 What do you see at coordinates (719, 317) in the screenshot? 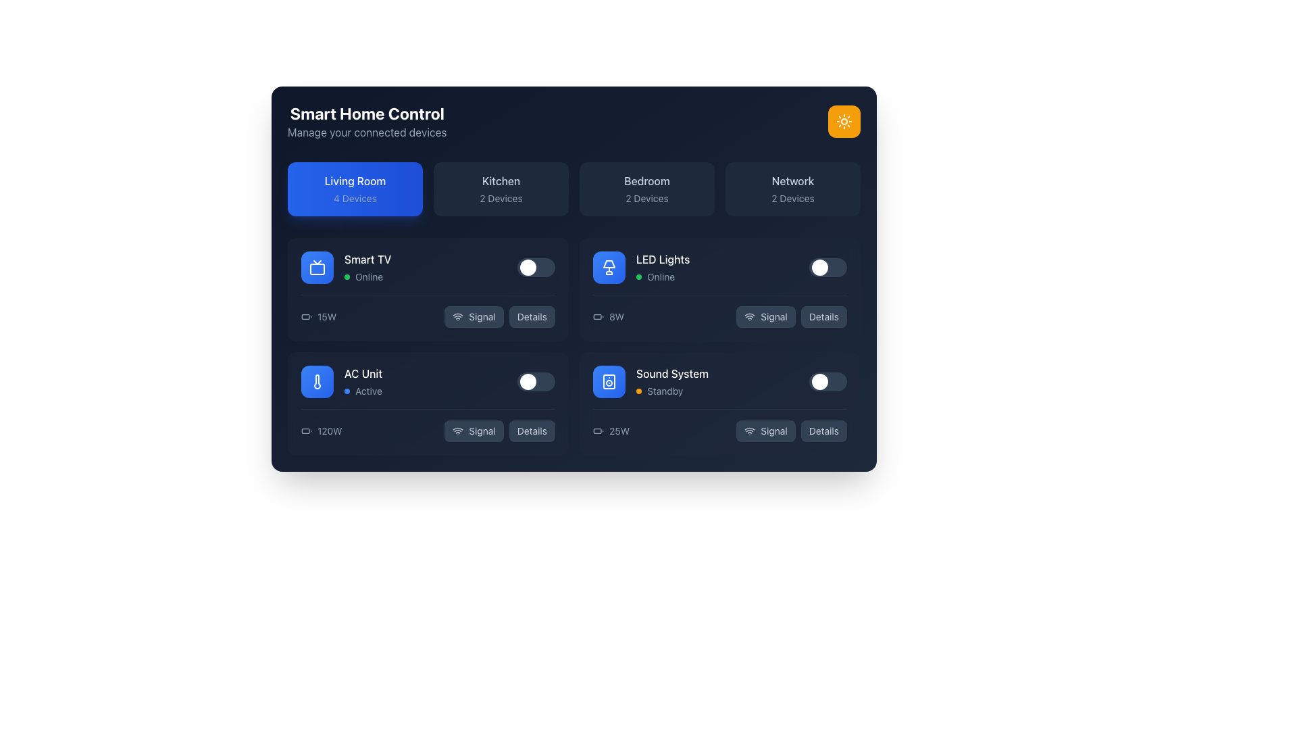
I see `the 'Signal' button in the Informational and control row associated with the 'LED Lights' panel, located between the power usage indicator and action buttons` at bounding box center [719, 317].